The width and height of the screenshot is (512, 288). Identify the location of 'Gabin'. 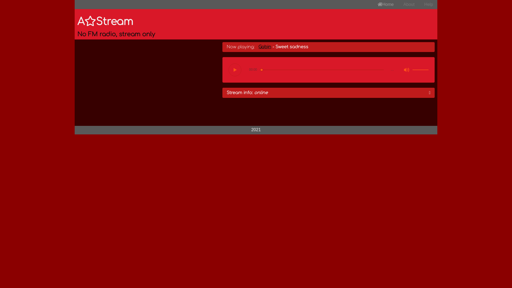
(265, 47).